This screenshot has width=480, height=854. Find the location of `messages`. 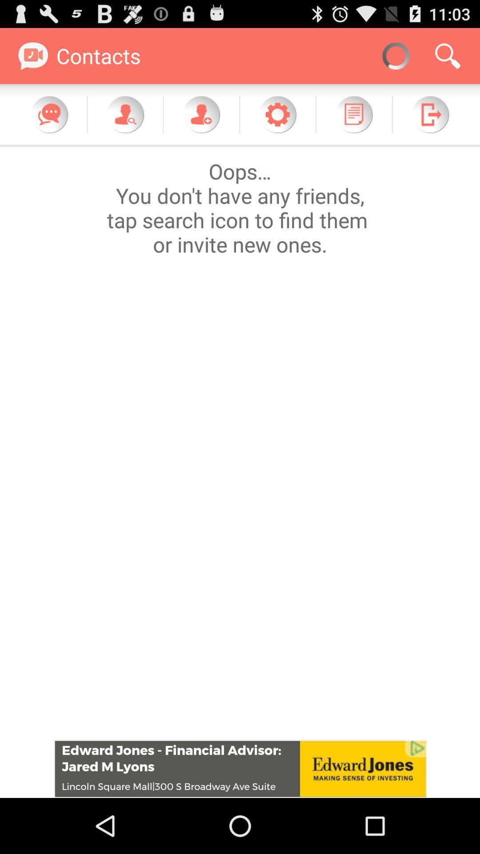

messages is located at coordinates (49, 114).